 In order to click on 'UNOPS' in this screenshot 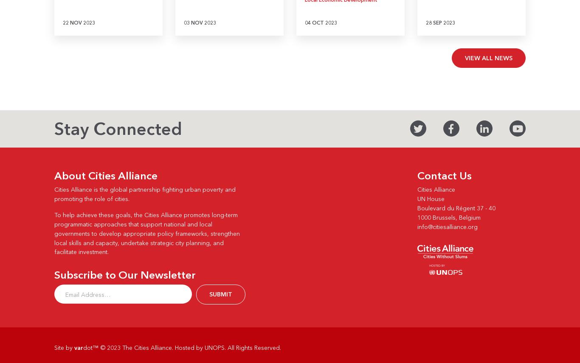, I will do `click(214, 347)`.